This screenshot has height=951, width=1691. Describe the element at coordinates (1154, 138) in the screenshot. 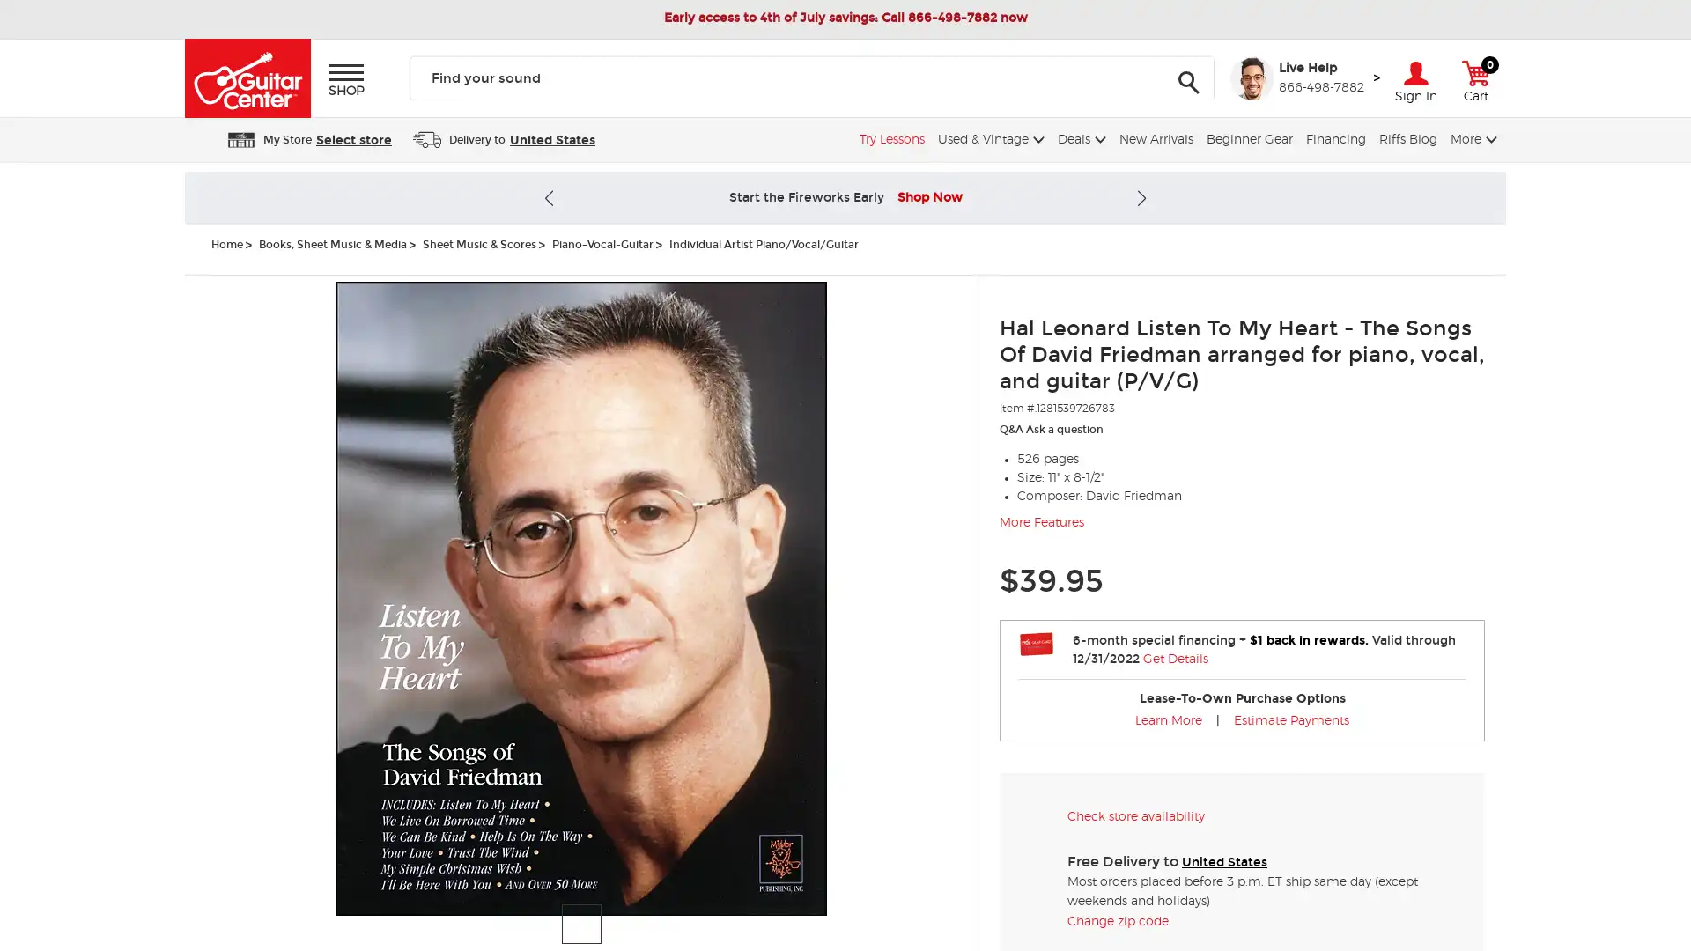

I see `New Arrivals` at that location.